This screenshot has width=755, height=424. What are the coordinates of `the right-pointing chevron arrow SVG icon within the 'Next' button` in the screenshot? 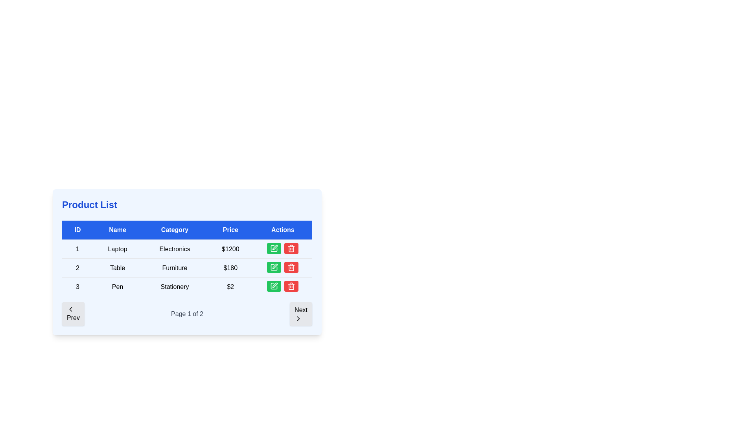 It's located at (298, 319).